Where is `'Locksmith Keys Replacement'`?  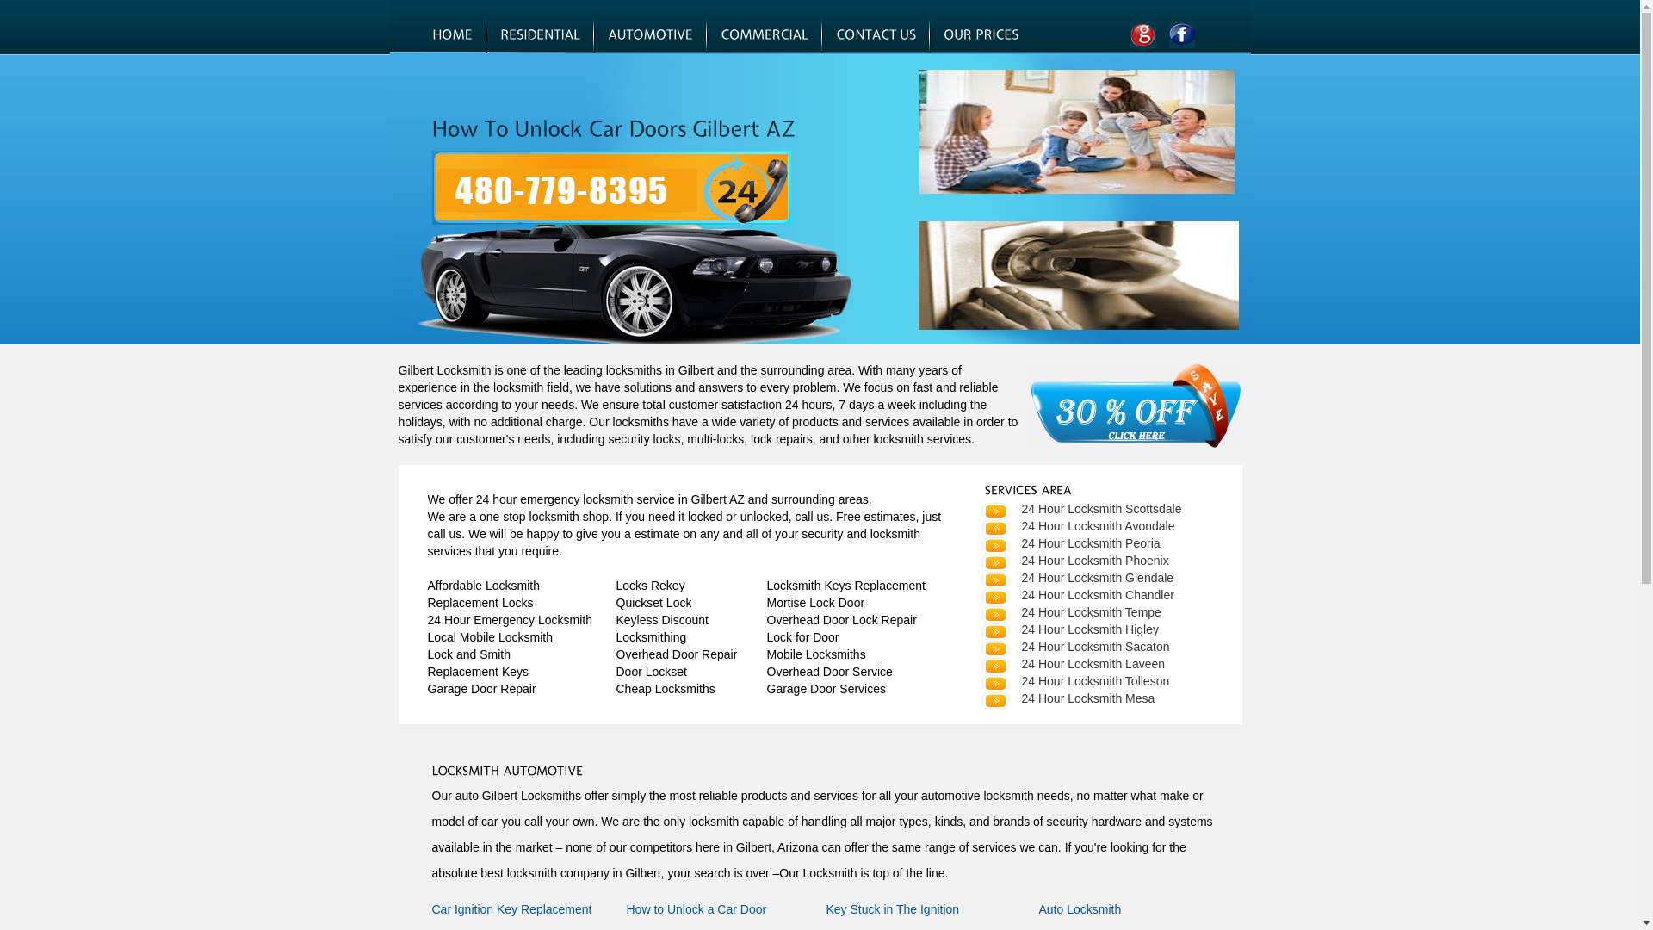
'Locksmith Keys Replacement' is located at coordinates (765, 584).